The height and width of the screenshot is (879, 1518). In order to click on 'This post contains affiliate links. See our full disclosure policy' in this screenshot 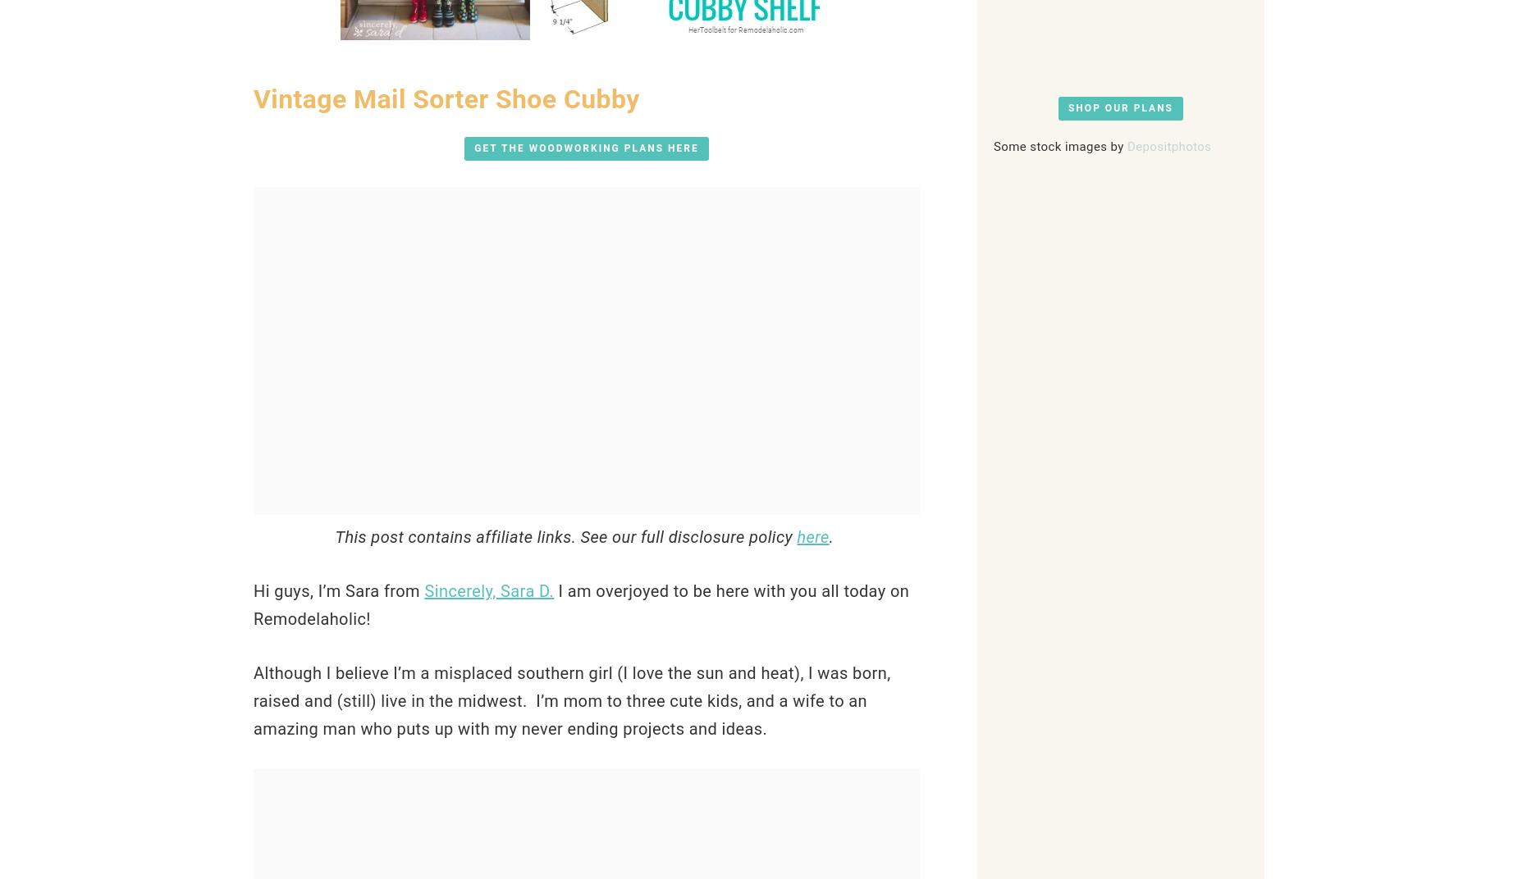, I will do `click(565, 536)`.